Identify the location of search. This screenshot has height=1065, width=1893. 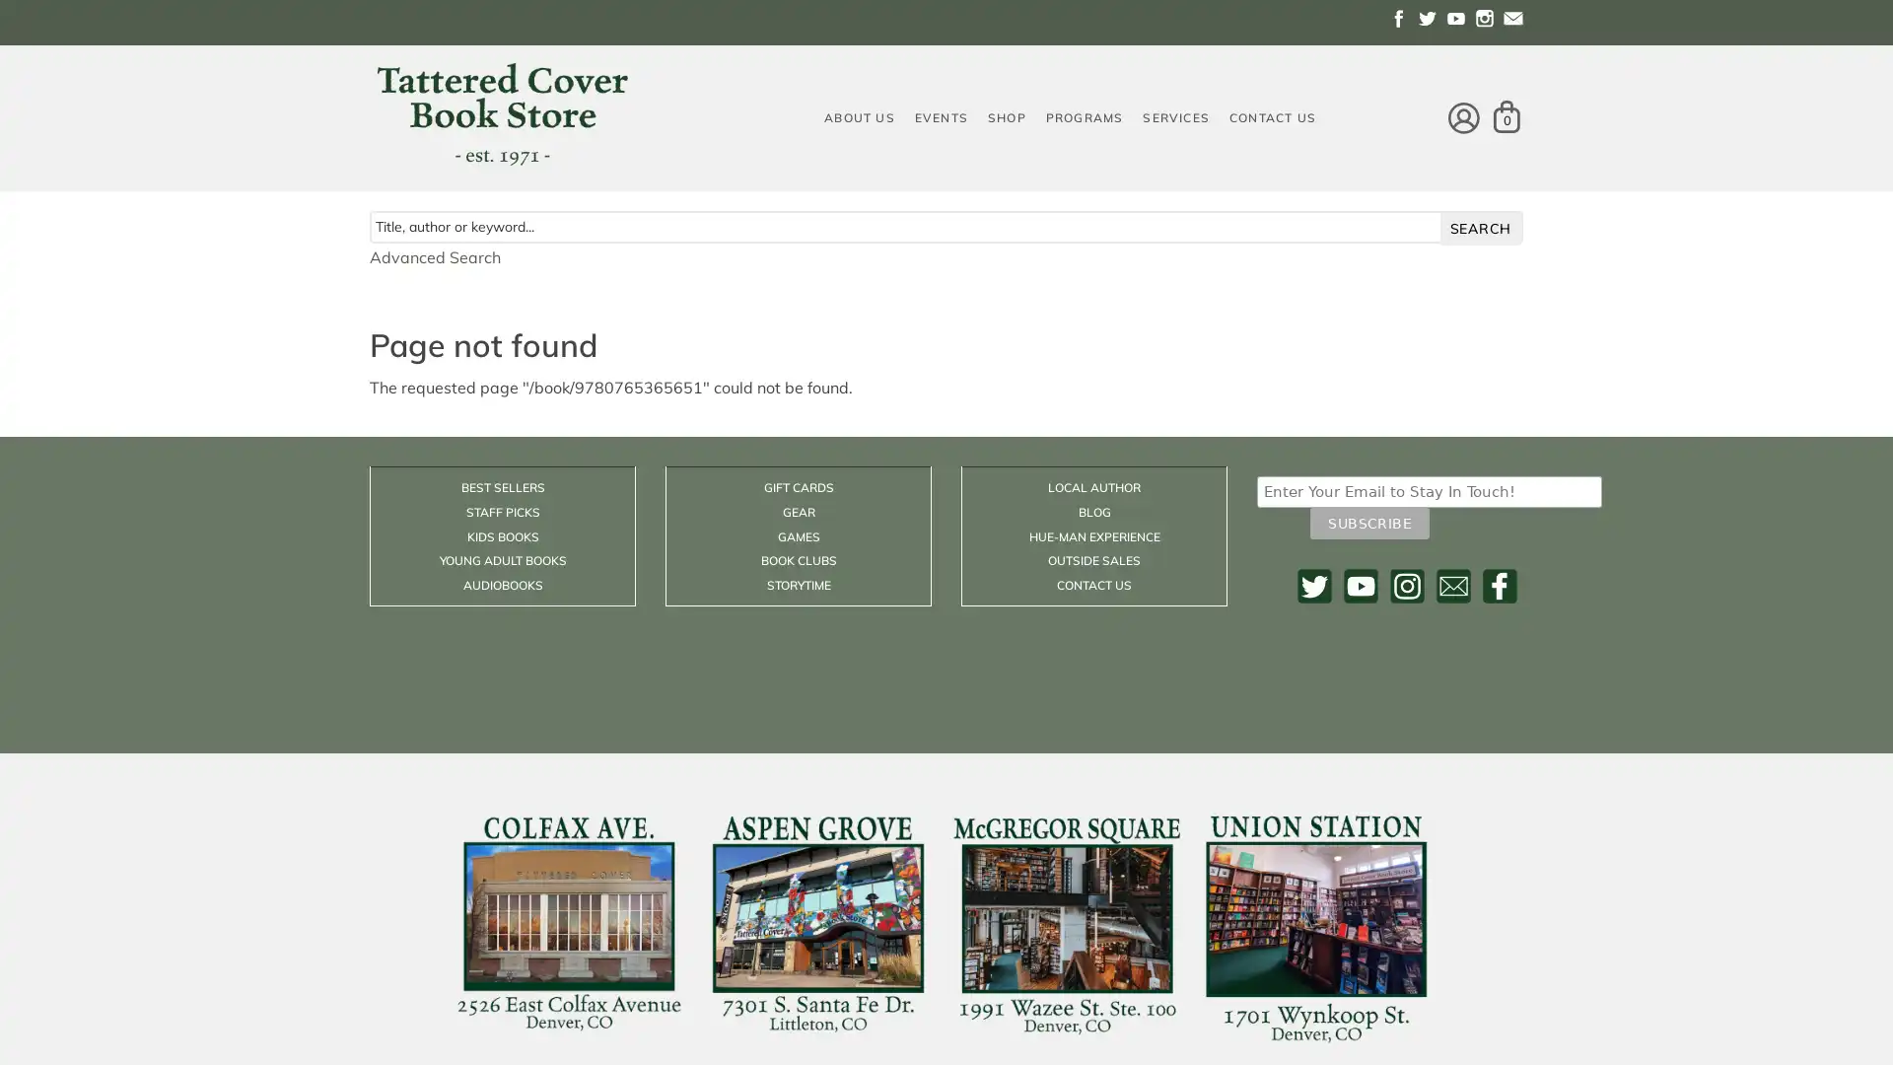
(1480, 297).